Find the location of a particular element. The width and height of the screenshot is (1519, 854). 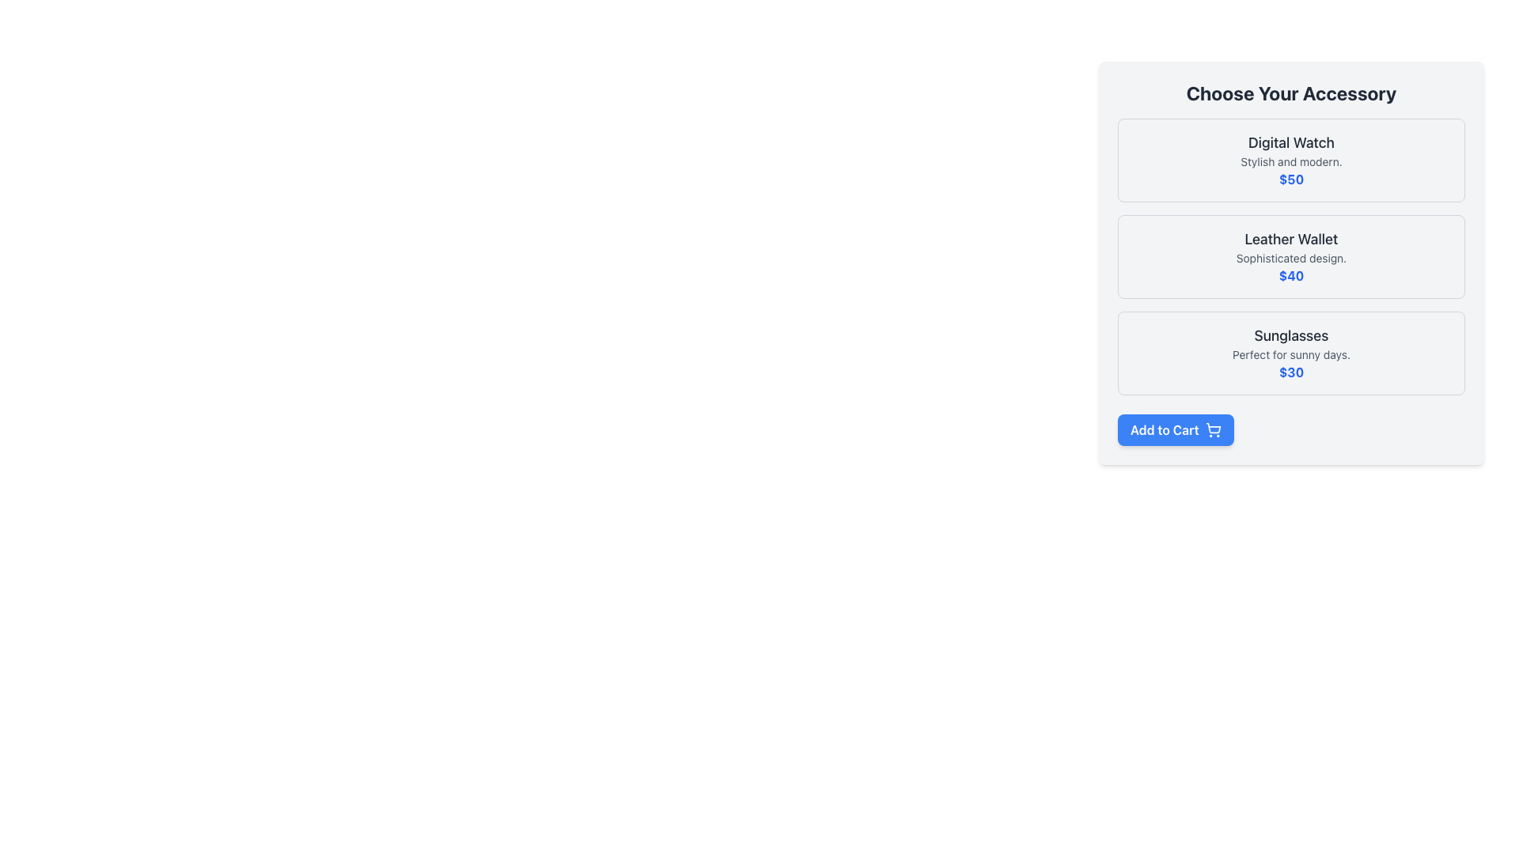

the text label that displays the product name 'Leather Wallet', which is the title of the second product in a vertically stacked product list is located at coordinates (1291, 240).